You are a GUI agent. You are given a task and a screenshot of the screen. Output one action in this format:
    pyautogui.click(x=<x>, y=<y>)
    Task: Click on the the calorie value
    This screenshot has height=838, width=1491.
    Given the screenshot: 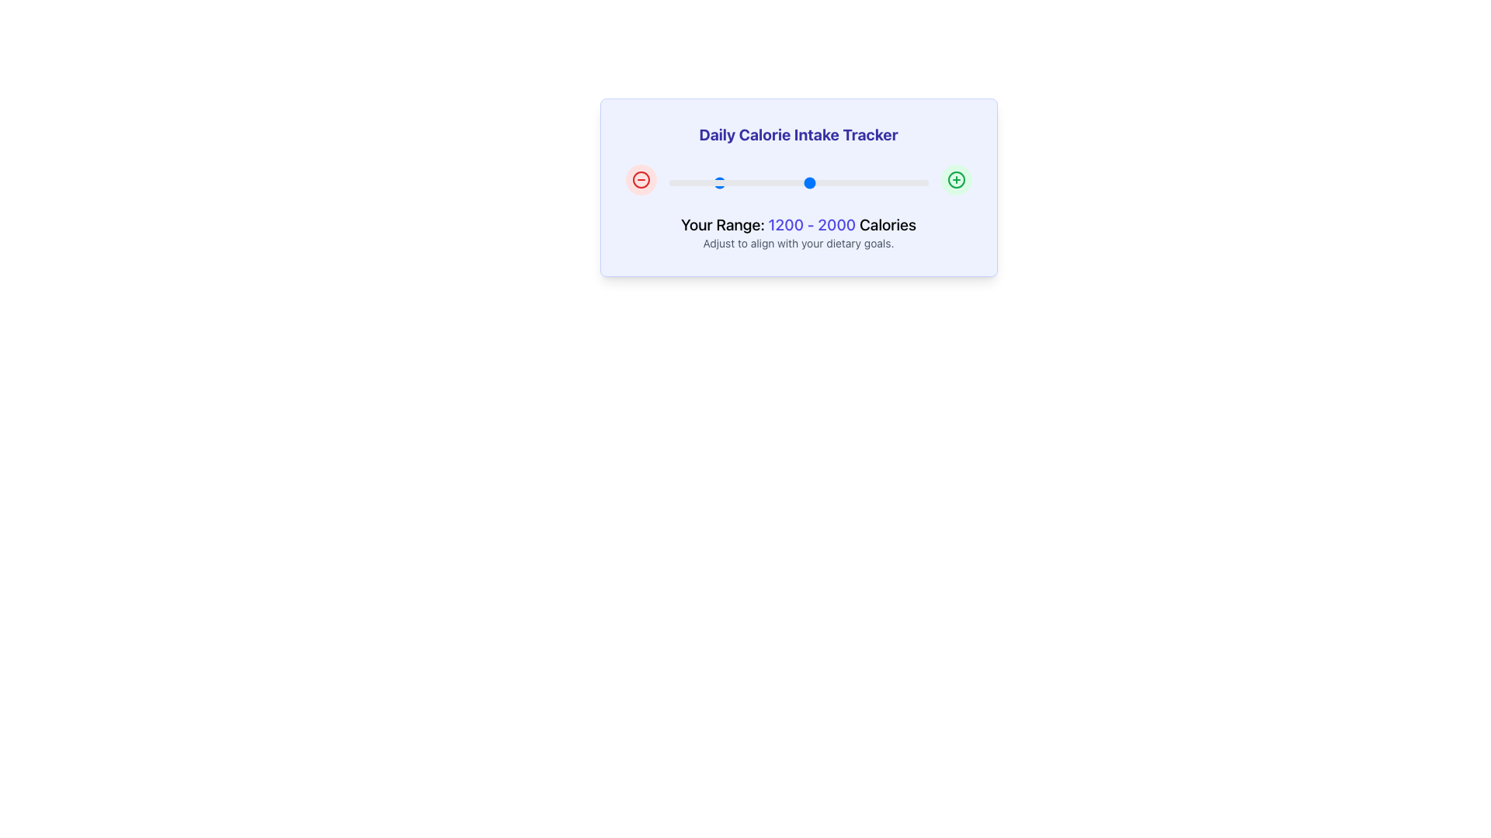 What is the action you would take?
    pyautogui.click(x=884, y=182)
    